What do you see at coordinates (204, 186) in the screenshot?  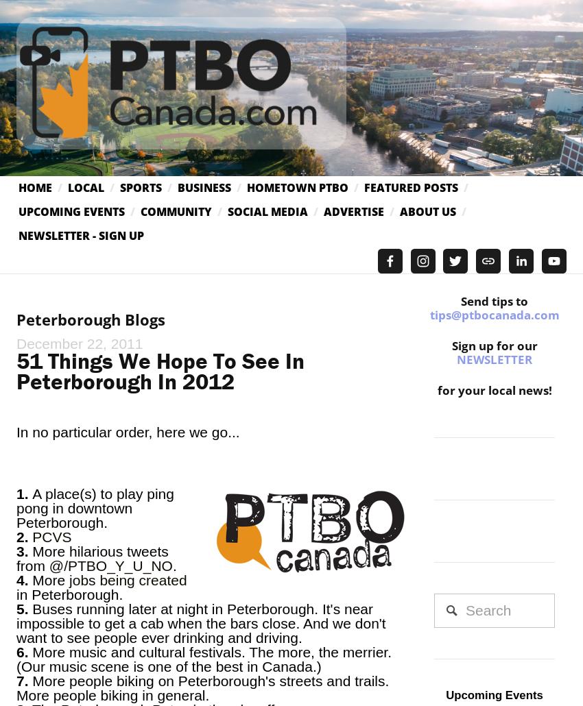 I see `'Business'` at bounding box center [204, 186].